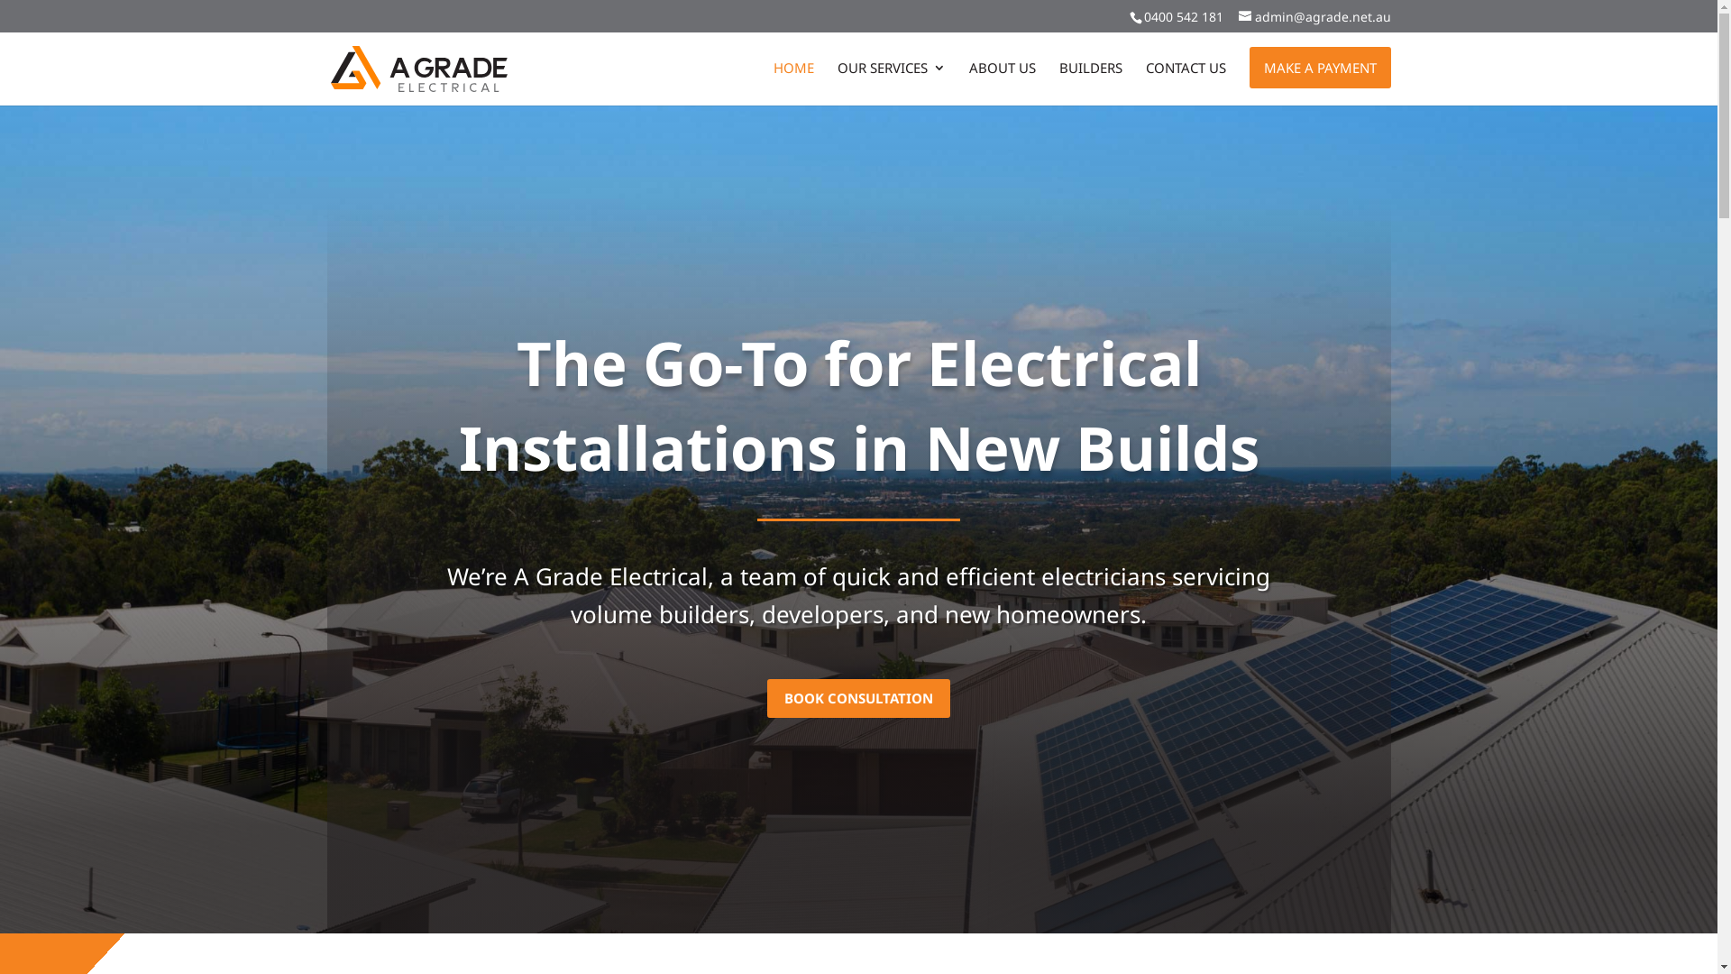  What do you see at coordinates (1089, 83) in the screenshot?
I see `'BUILDERS'` at bounding box center [1089, 83].